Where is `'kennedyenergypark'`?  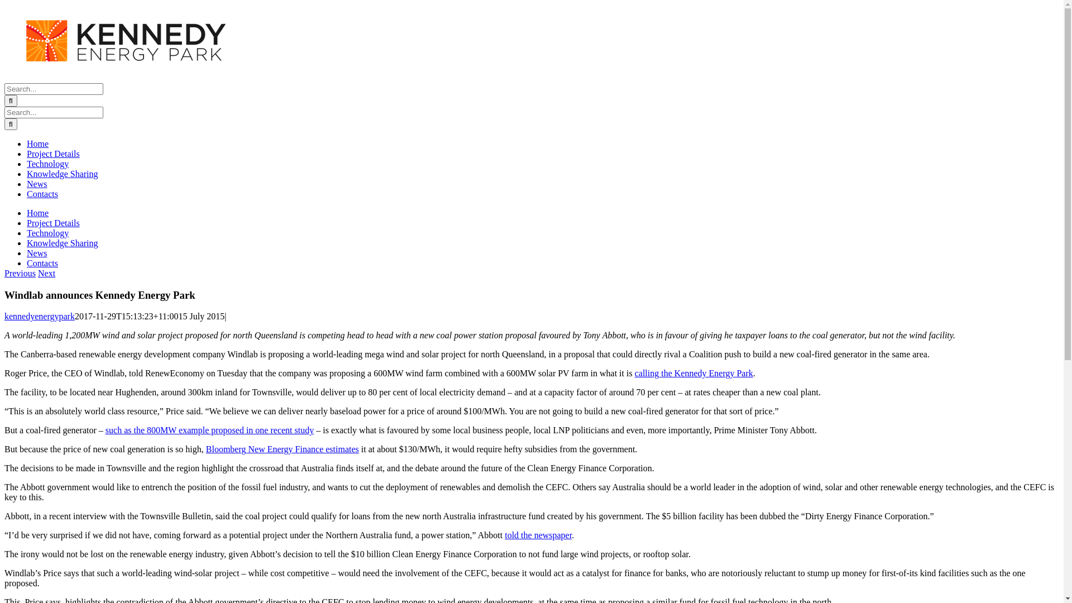
'kennedyenergypark' is located at coordinates (40, 316).